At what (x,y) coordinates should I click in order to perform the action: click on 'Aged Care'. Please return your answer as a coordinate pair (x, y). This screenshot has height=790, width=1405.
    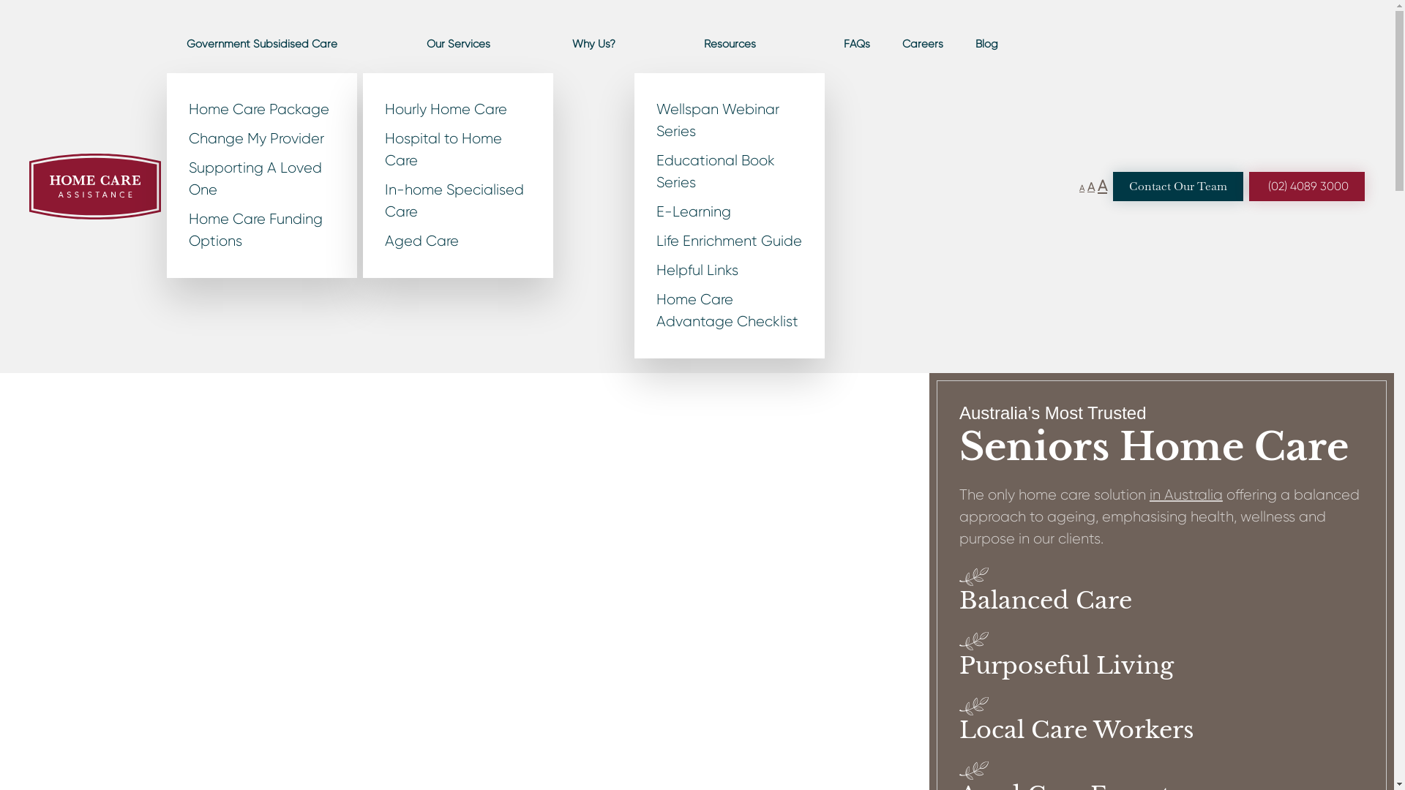
    Looking at the image, I should click on (457, 241).